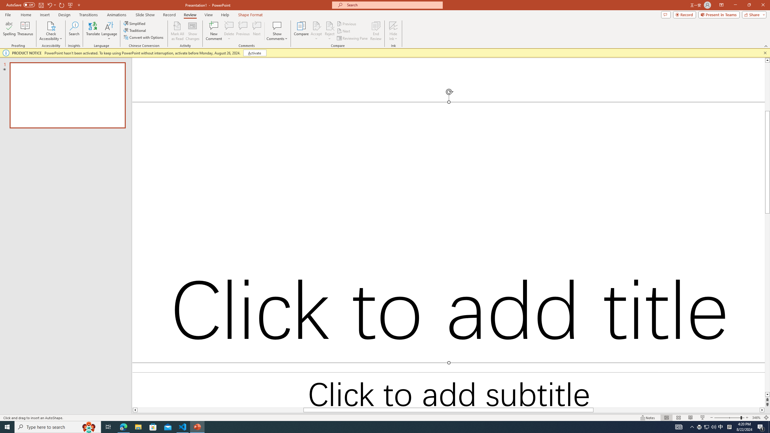 The image size is (770, 433). Describe the element at coordinates (347, 23) in the screenshot. I see `'Previous'` at that location.